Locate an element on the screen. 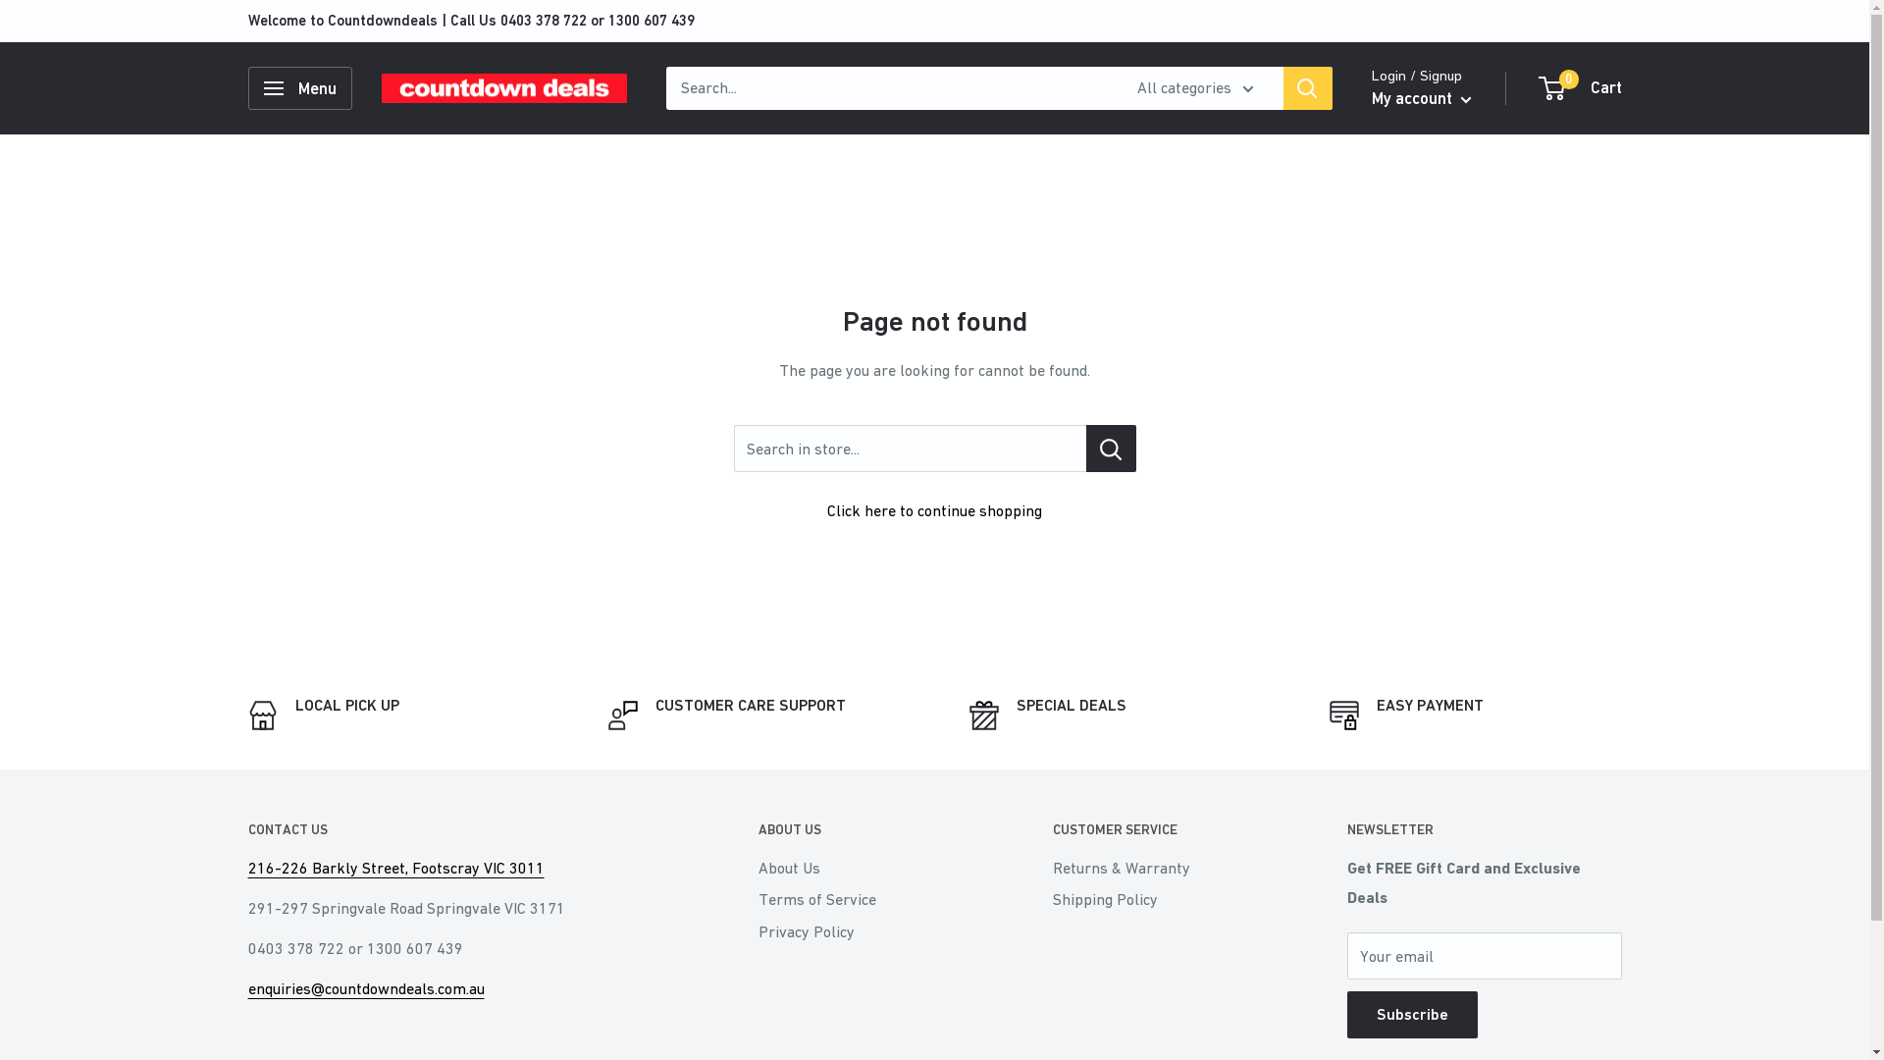 This screenshot has height=1060, width=1884. 'Terms of Service' is located at coordinates (869, 898).